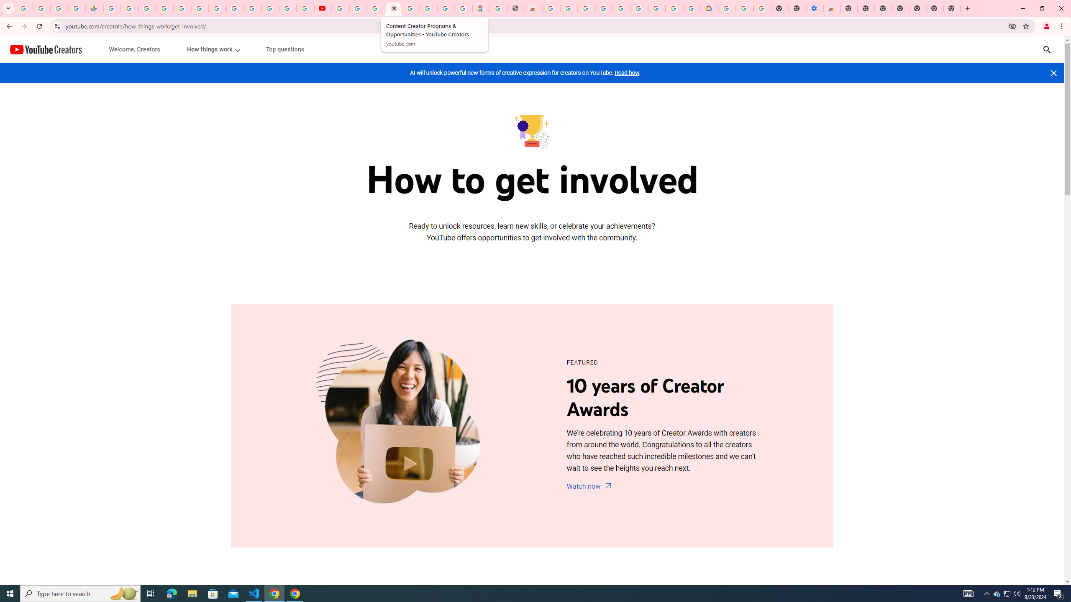 This screenshot has width=1071, height=602. Describe the element at coordinates (375, 8) in the screenshot. I see `'Create your Google Account'` at that location.